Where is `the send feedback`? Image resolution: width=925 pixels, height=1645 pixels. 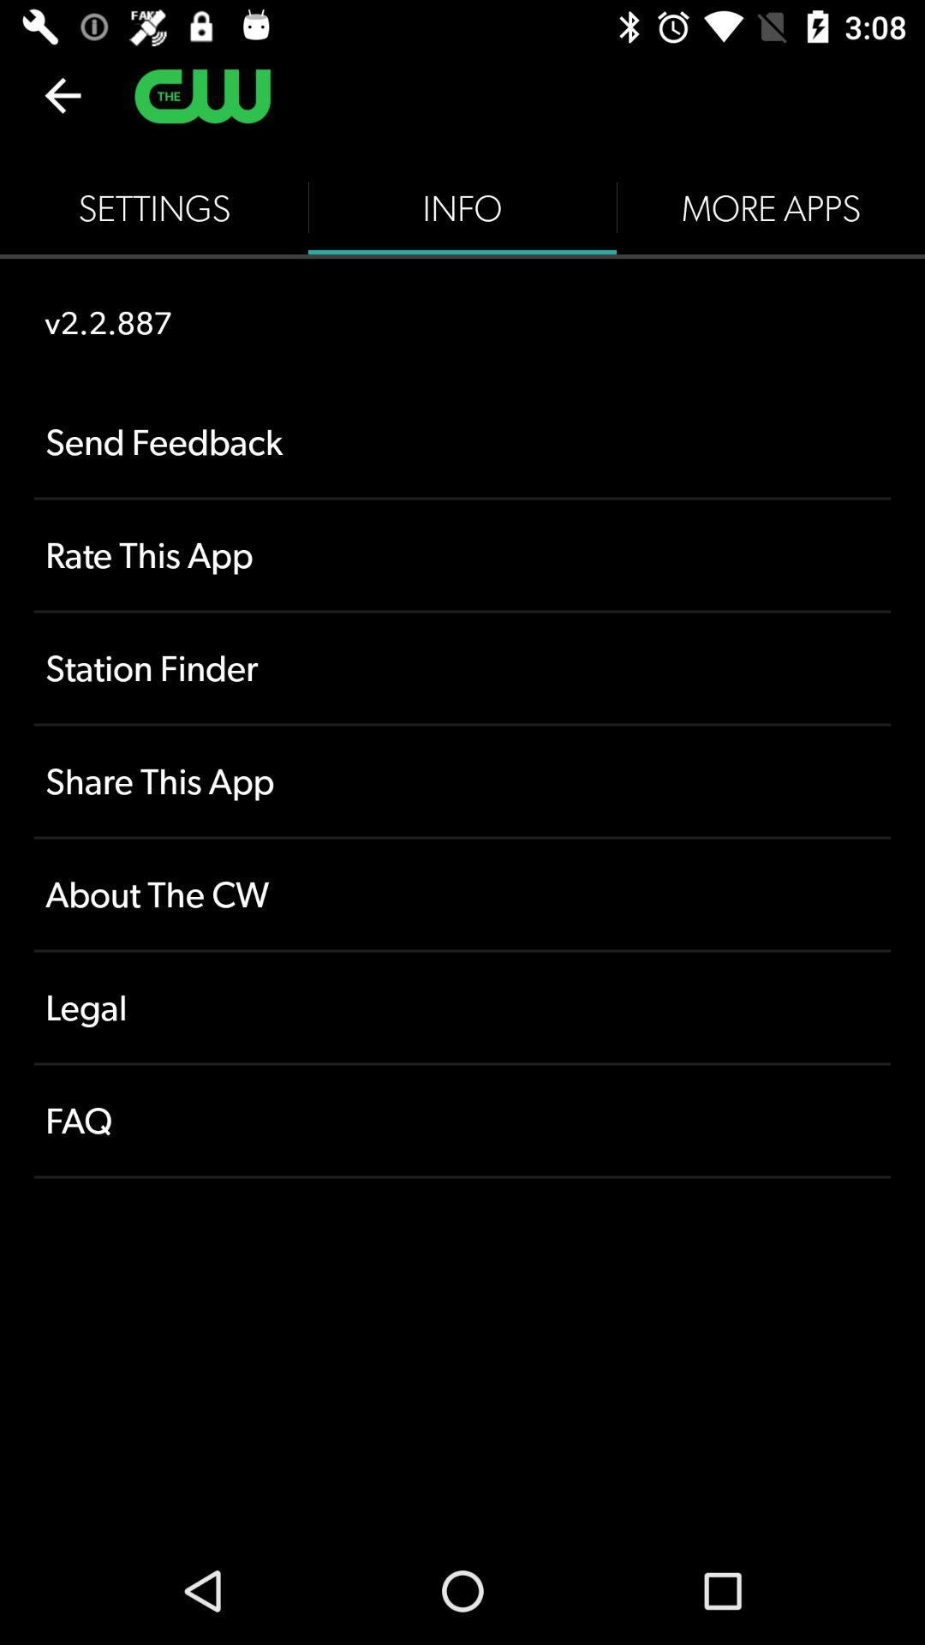 the send feedback is located at coordinates (462, 442).